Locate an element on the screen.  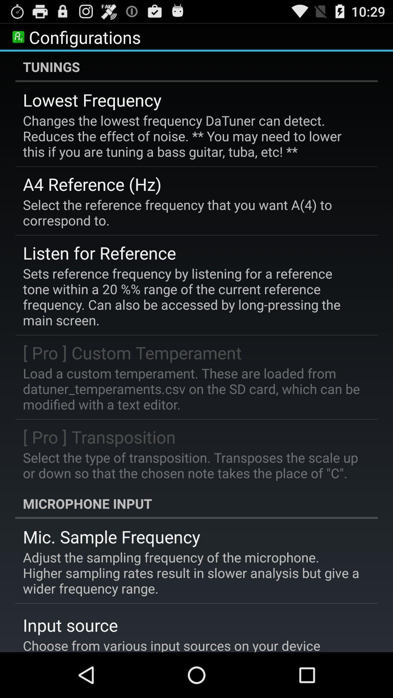
the tunings is located at coordinates (196, 67).